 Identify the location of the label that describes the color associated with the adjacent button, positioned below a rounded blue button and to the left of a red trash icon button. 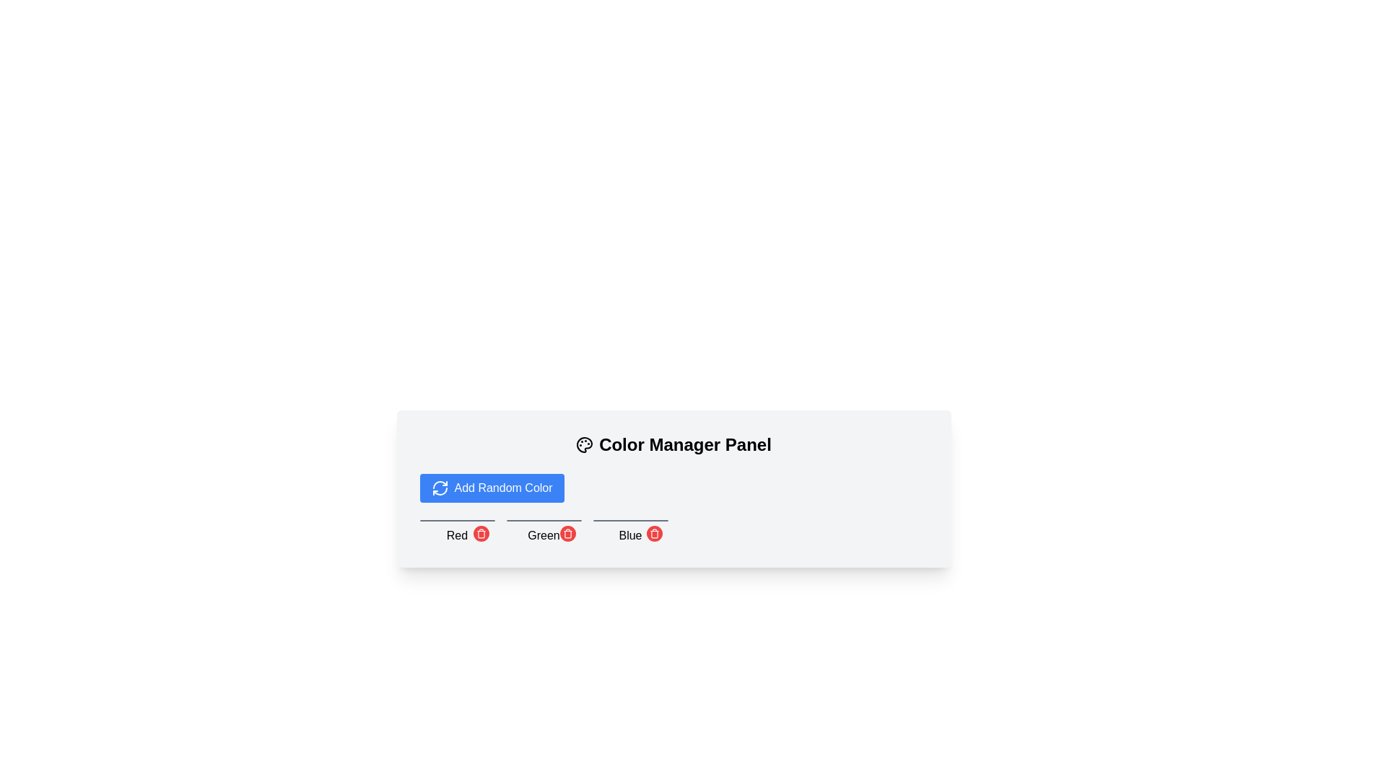
(630, 536).